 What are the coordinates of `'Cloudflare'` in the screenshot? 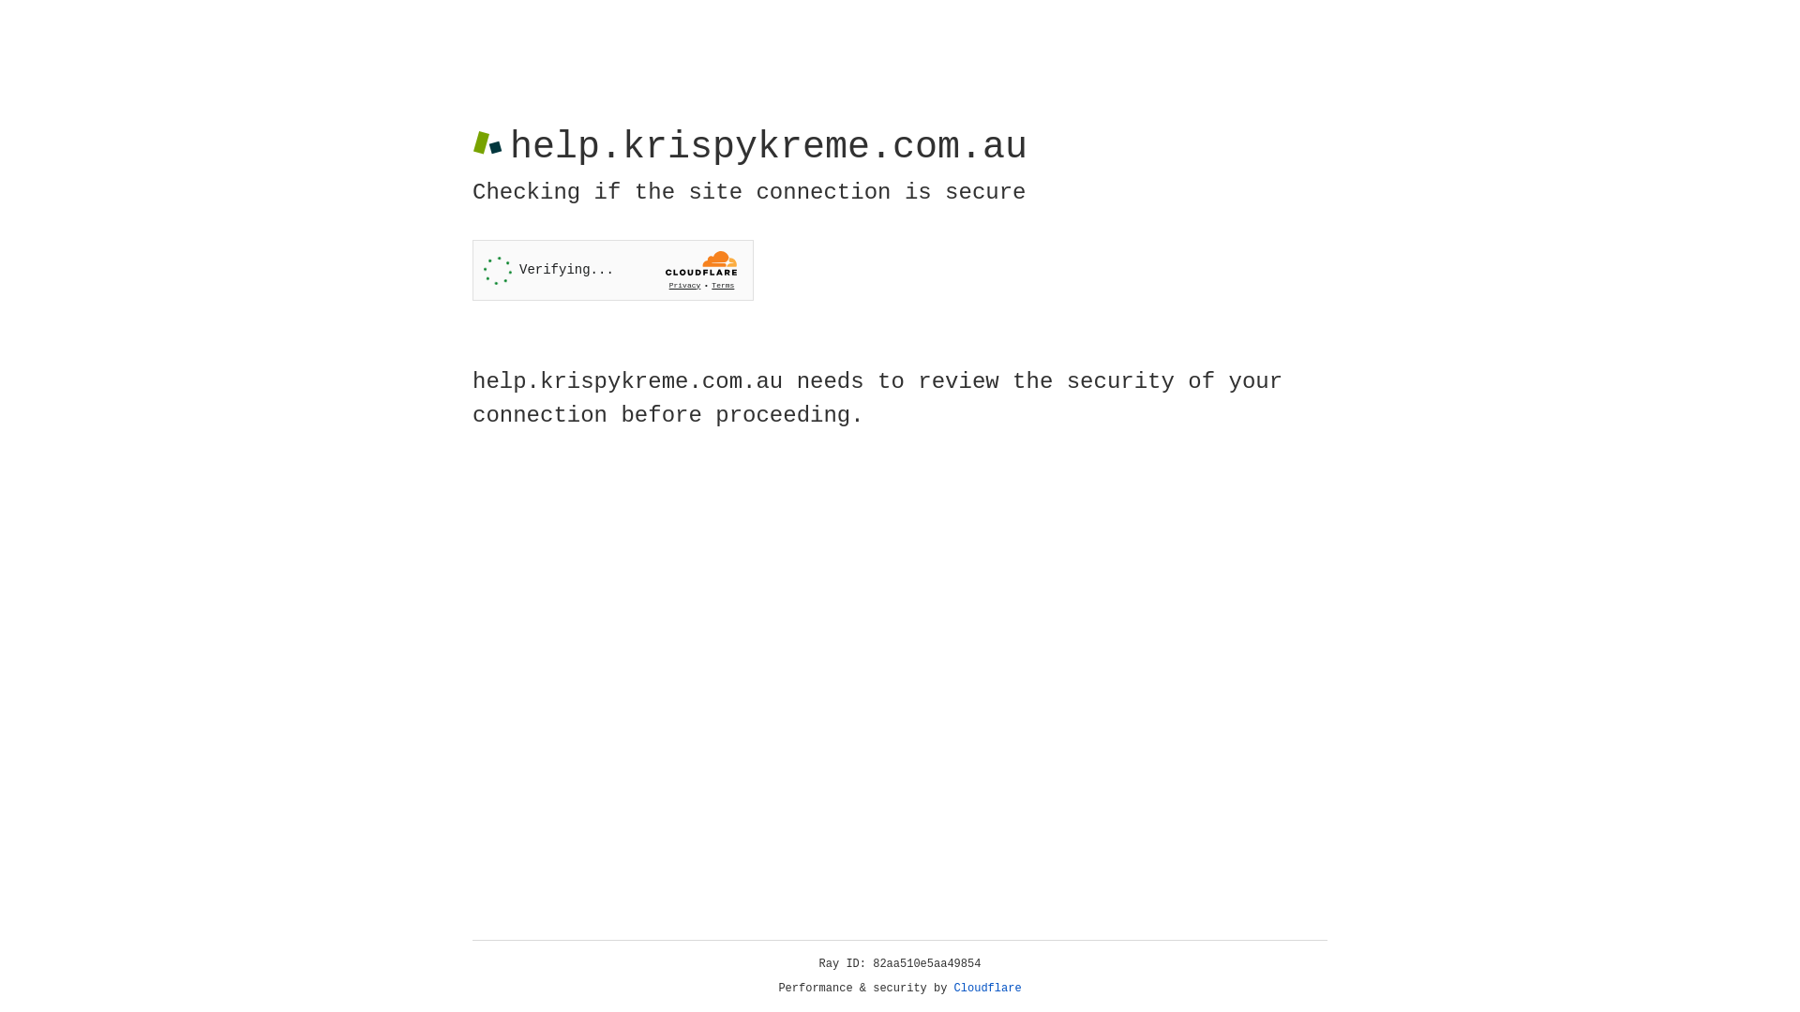 It's located at (987, 988).